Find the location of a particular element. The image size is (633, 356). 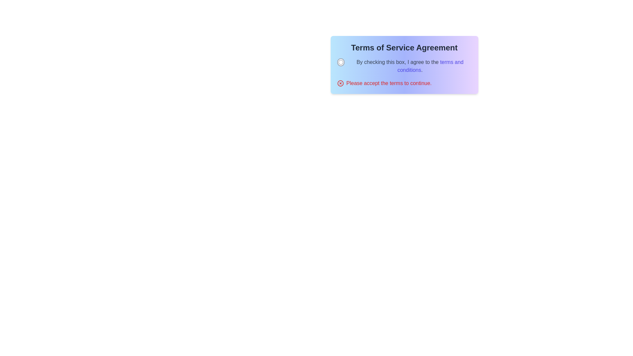

the hyperlink styled with medium font weight and indigo color that signifies interactivity, located within the sentence 'By checking this box, I agree to the terms and conditions.' is located at coordinates (430, 66).